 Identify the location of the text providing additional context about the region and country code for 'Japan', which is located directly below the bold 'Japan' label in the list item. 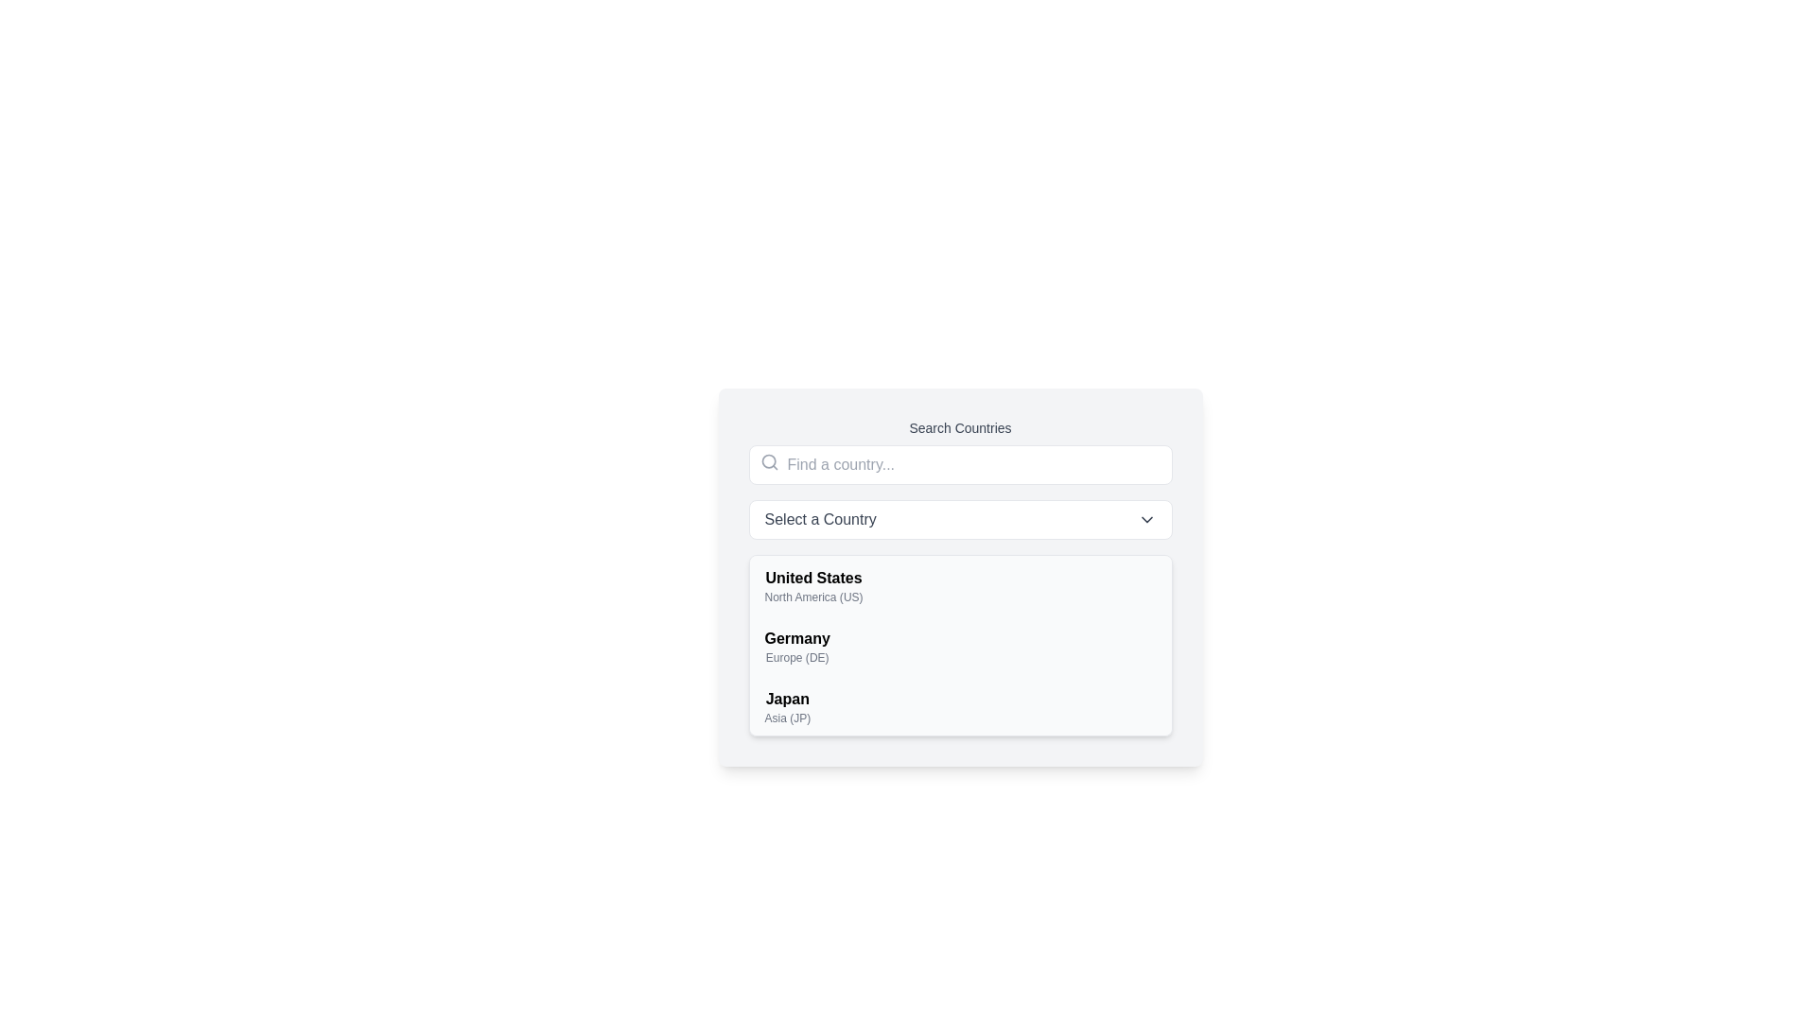
(787, 718).